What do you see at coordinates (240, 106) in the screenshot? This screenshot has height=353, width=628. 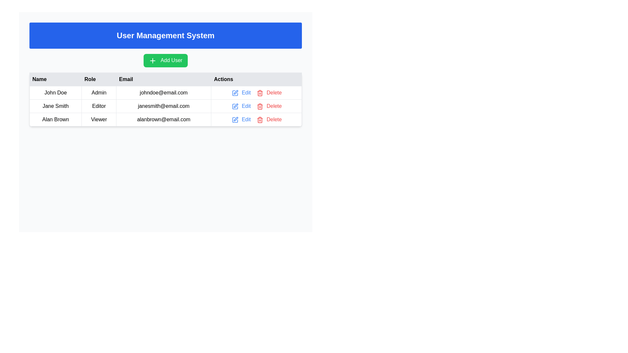 I see `the edit button for user 'Jane Smith' located in the 'Actions' column of the second row in the data table` at bounding box center [240, 106].